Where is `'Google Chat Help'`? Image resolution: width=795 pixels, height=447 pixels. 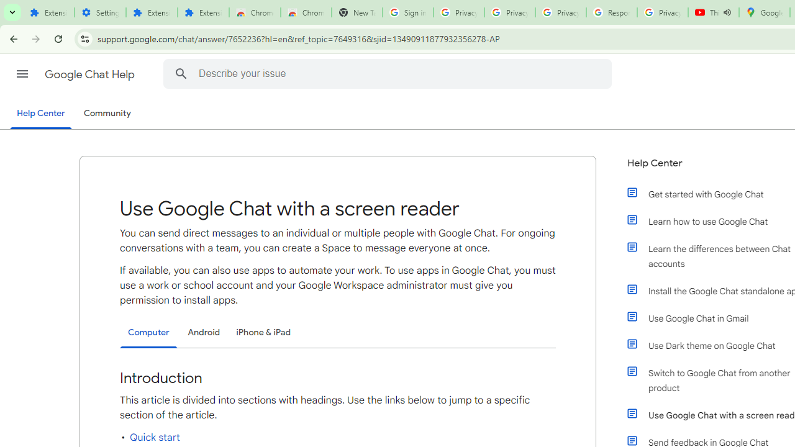 'Google Chat Help' is located at coordinates (90, 74).